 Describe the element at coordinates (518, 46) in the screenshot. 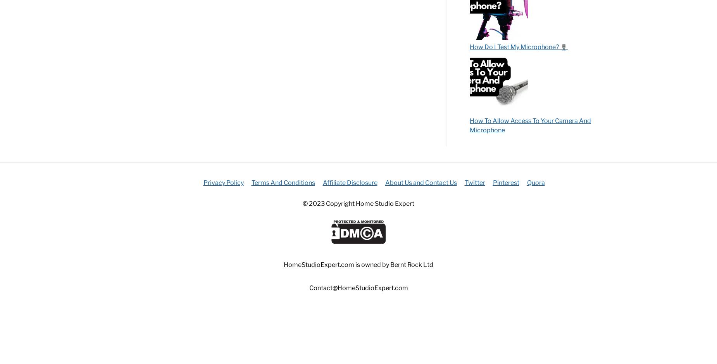

I see `'How Do I Test My Microphone? 🎙️'` at that location.